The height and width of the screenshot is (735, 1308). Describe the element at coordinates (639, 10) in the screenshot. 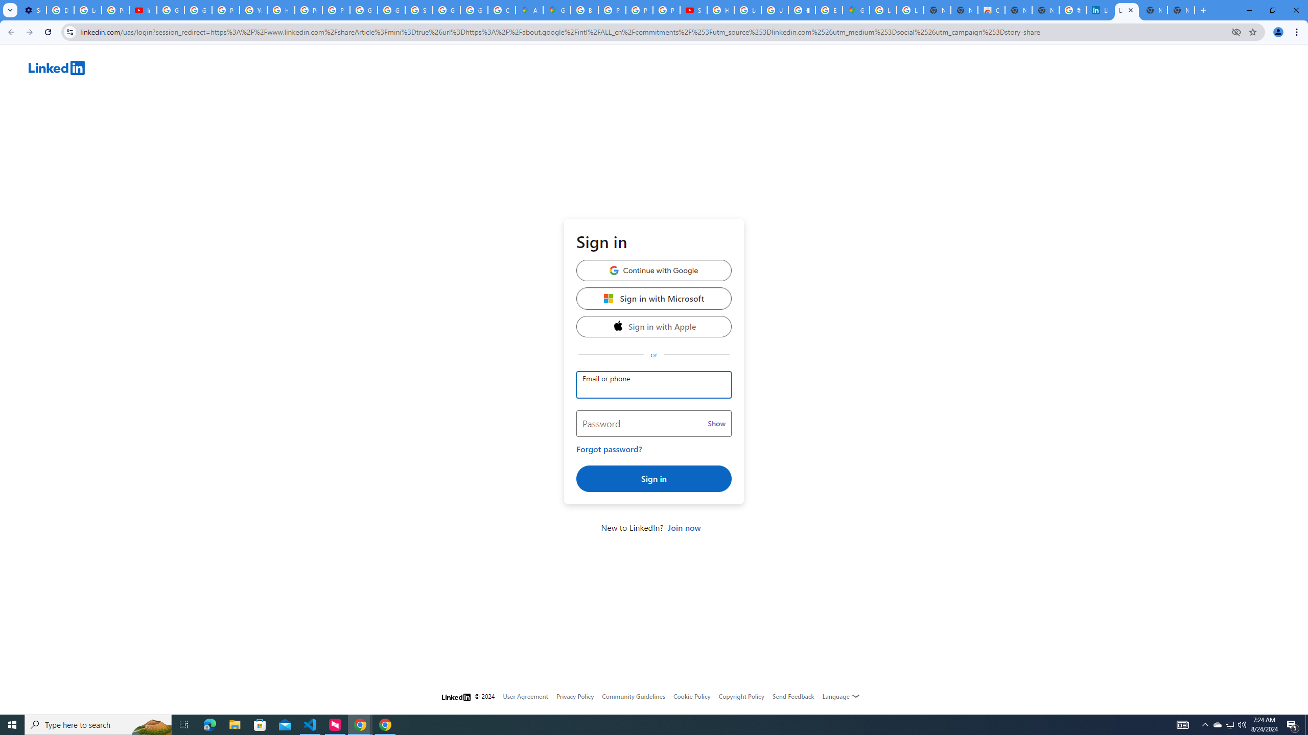

I see `'Privacy Help Center - Policies Help'` at that location.